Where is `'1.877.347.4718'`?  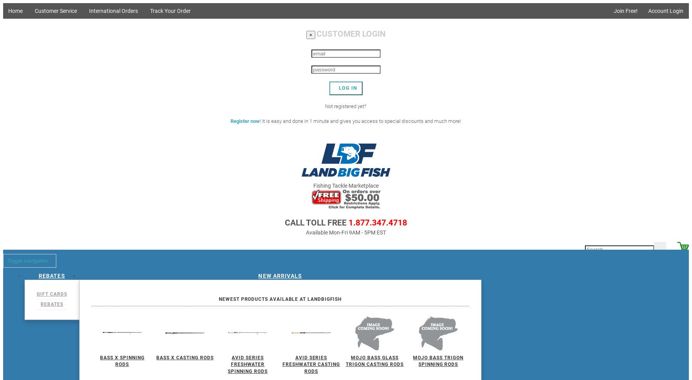 '1.877.347.4718' is located at coordinates (377, 222).